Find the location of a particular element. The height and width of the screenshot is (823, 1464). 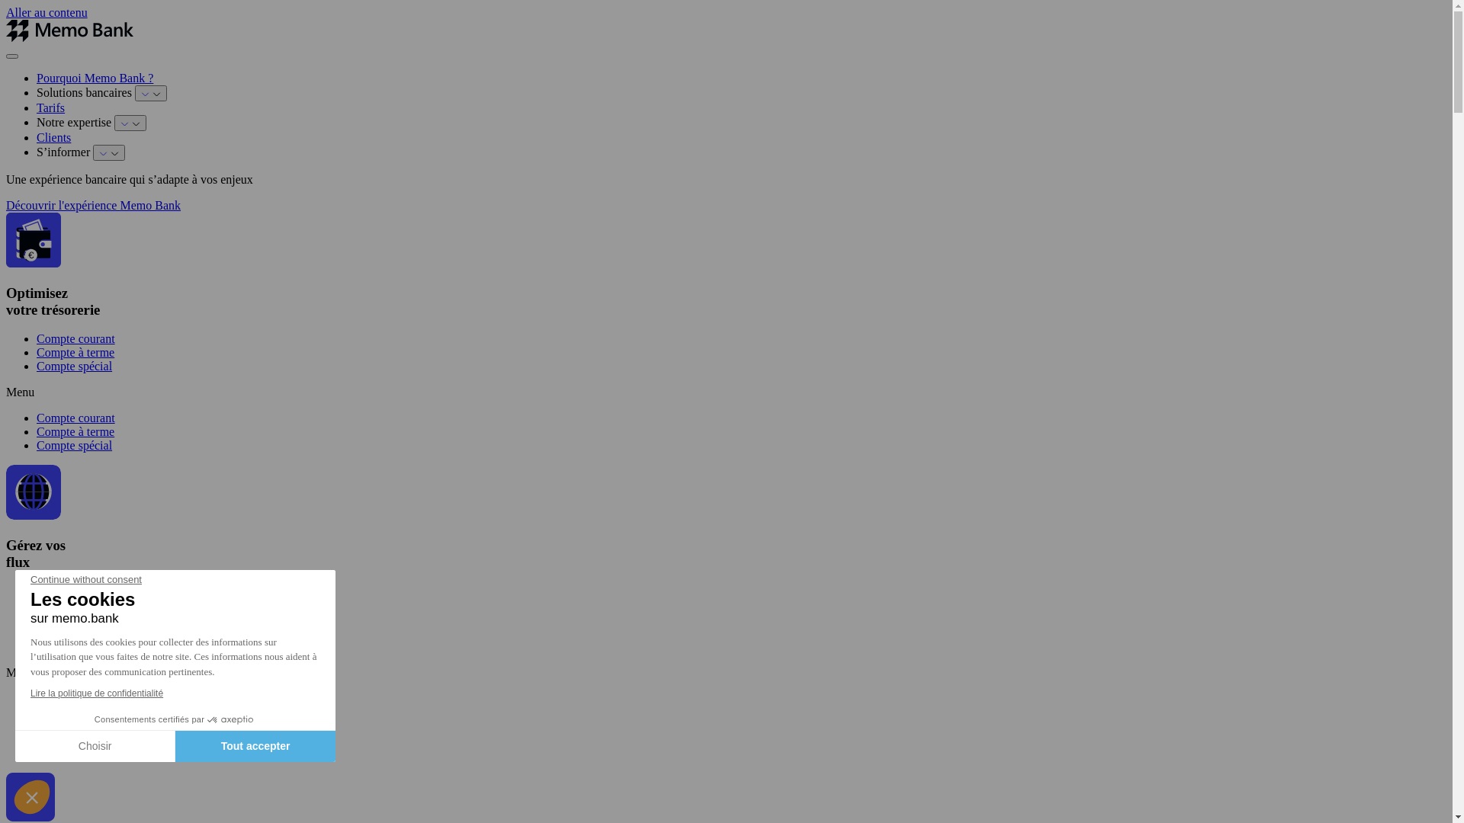

'Continuer sans accepter' is located at coordinates (32, 796).